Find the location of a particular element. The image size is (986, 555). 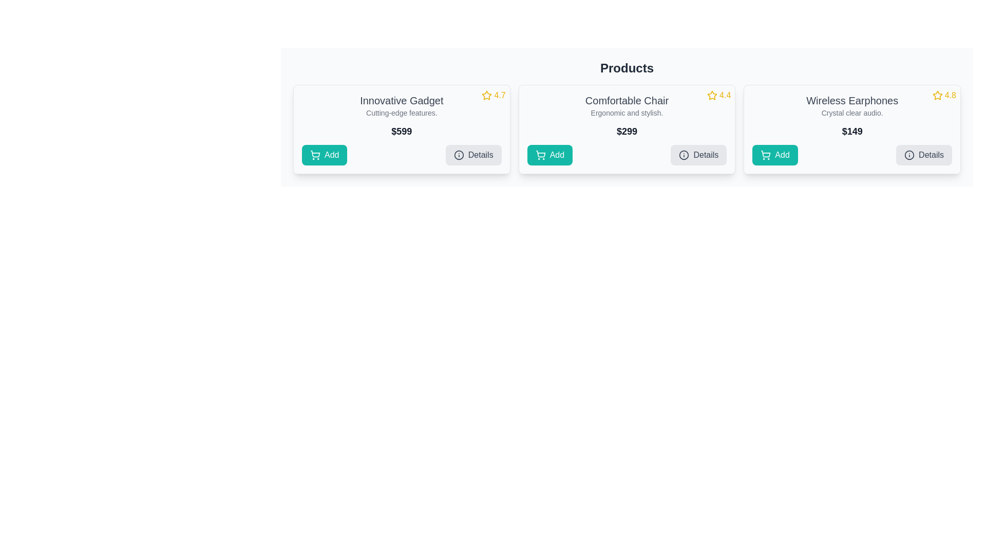

vector graphic representing the cart icon within the 'Add' button for the 'Wireless Earphones' product is located at coordinates (766, 154).